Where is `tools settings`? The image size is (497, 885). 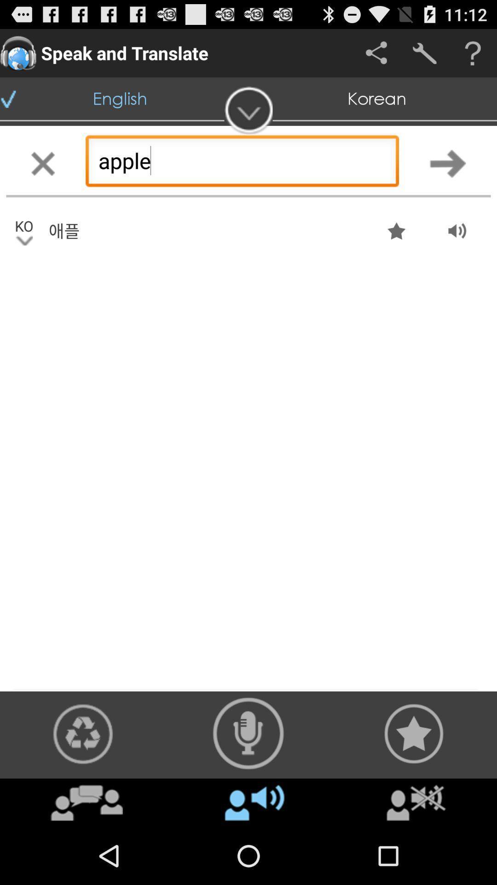
tools settings is located at coordinates (424, 53).